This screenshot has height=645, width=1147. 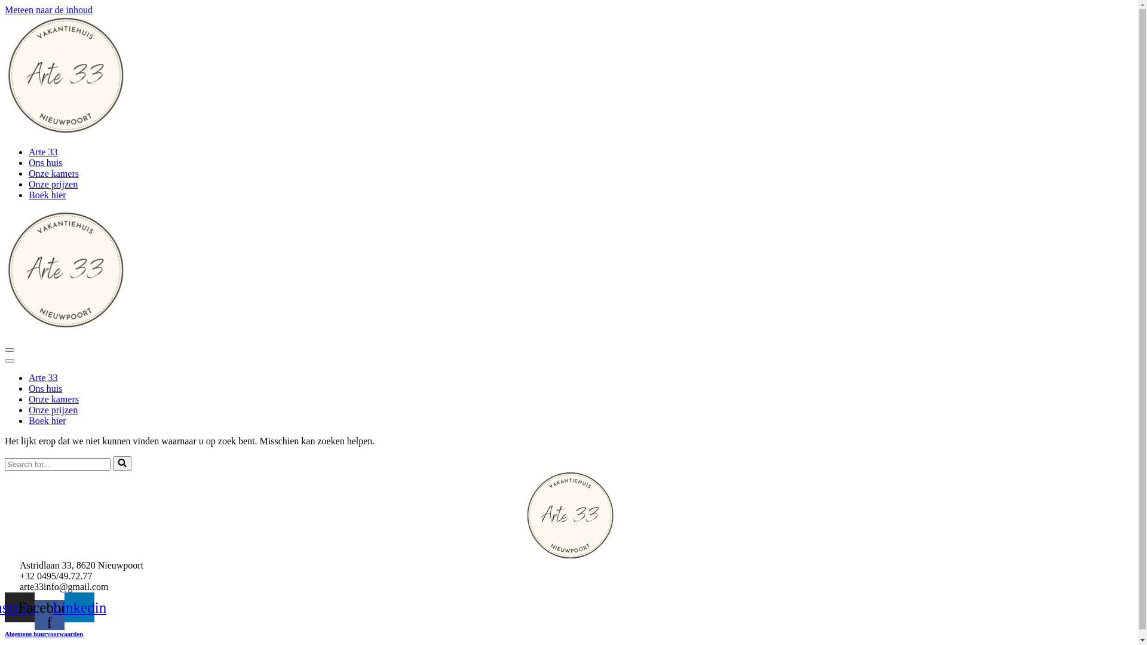 I want to click on 'Ons huis', so click(x=45, y=162).